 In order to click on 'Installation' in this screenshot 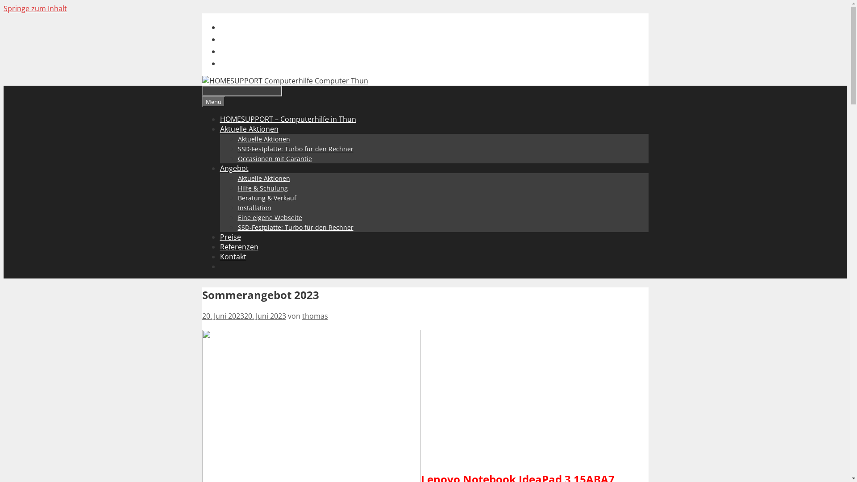, I will do `click(237, 208)`.